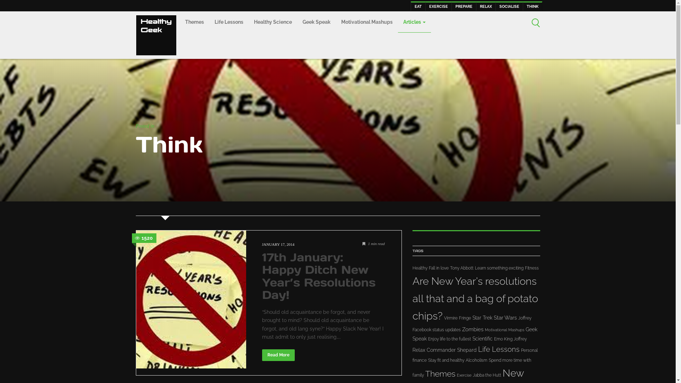  I want to click on 'THINK', so click(532, 6).